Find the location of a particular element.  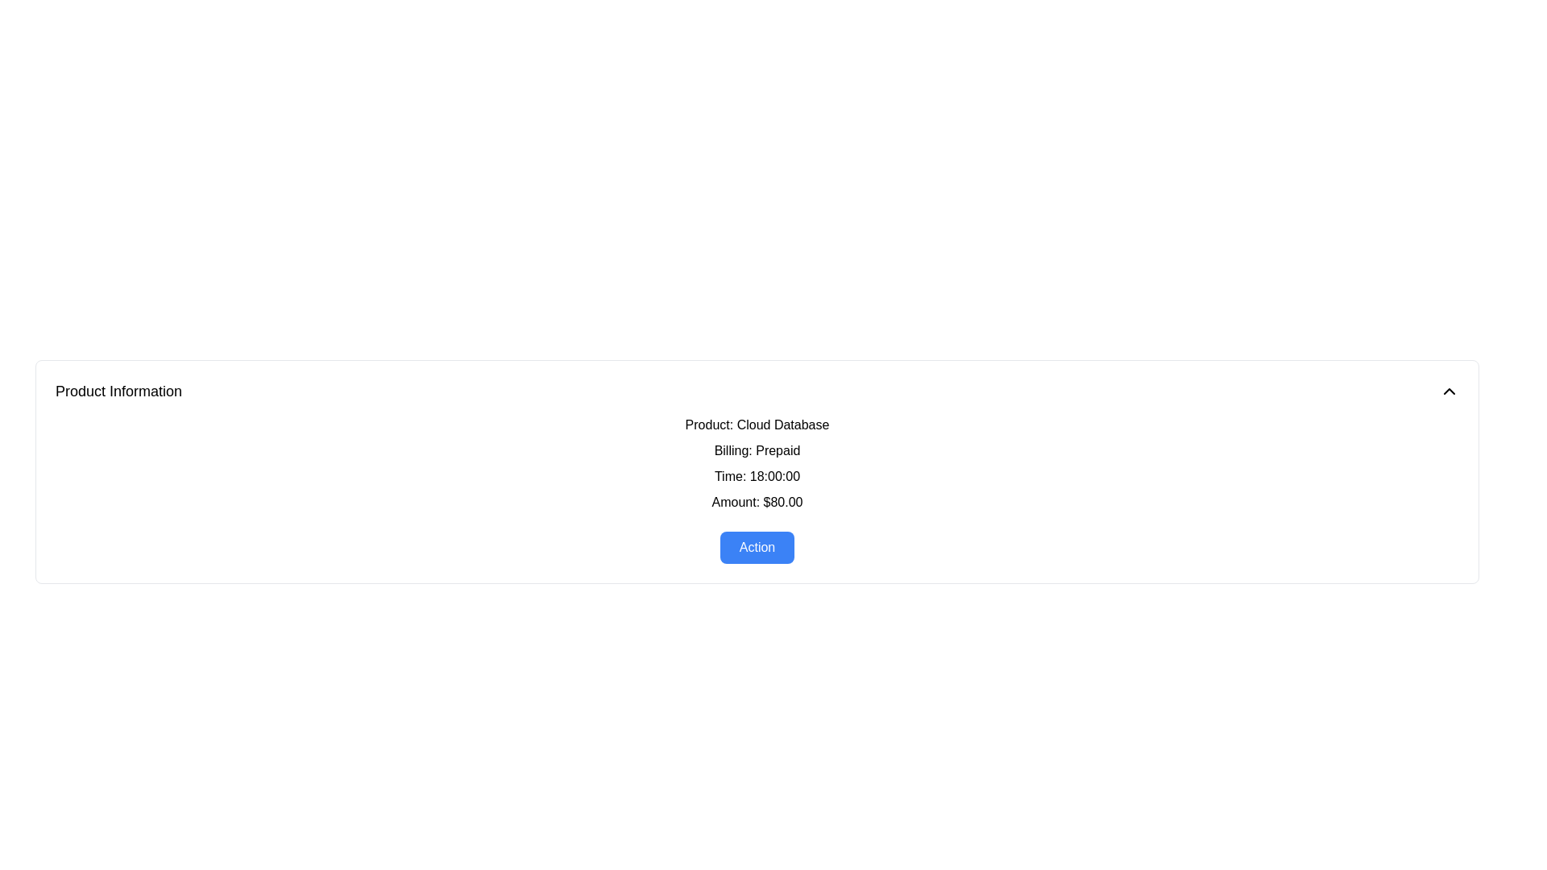

the 'Product Information' text label, which is prominently displayed in a larger, bold font at the top left corner of the content area is located at coordinates (118, 391).